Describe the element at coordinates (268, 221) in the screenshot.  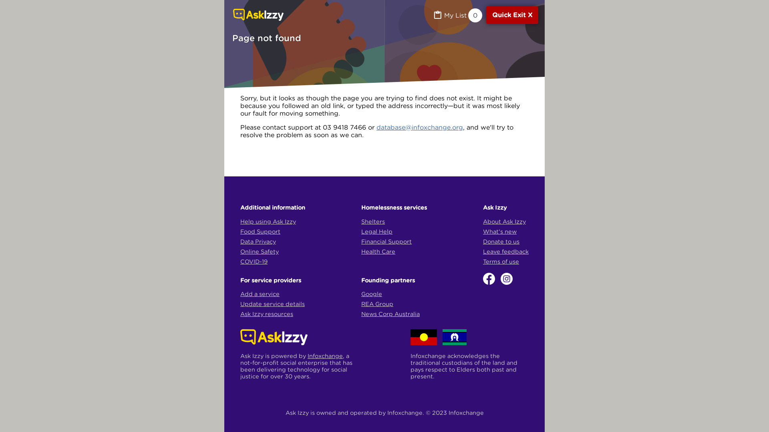
I see `'Help using Ask Izzy'` at that location.